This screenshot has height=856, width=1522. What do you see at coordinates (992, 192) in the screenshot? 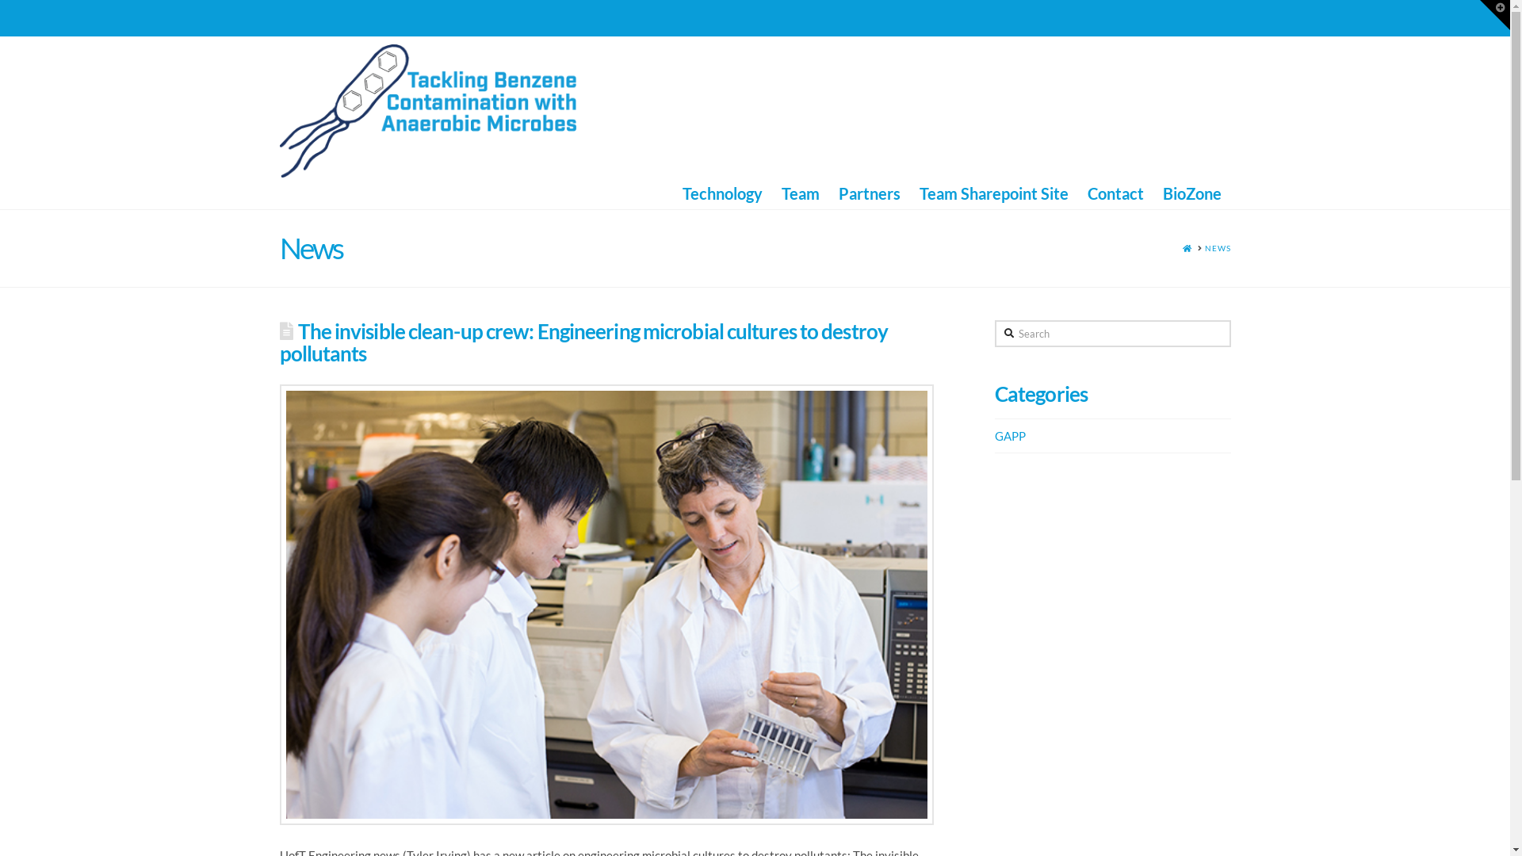
I see `'Team Sharepoint Site'` at bounding box center [992, 192].